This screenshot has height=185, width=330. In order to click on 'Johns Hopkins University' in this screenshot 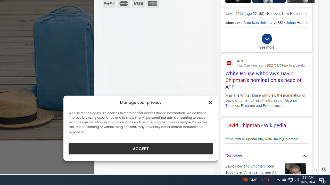, I will do `click(306, 22)`.